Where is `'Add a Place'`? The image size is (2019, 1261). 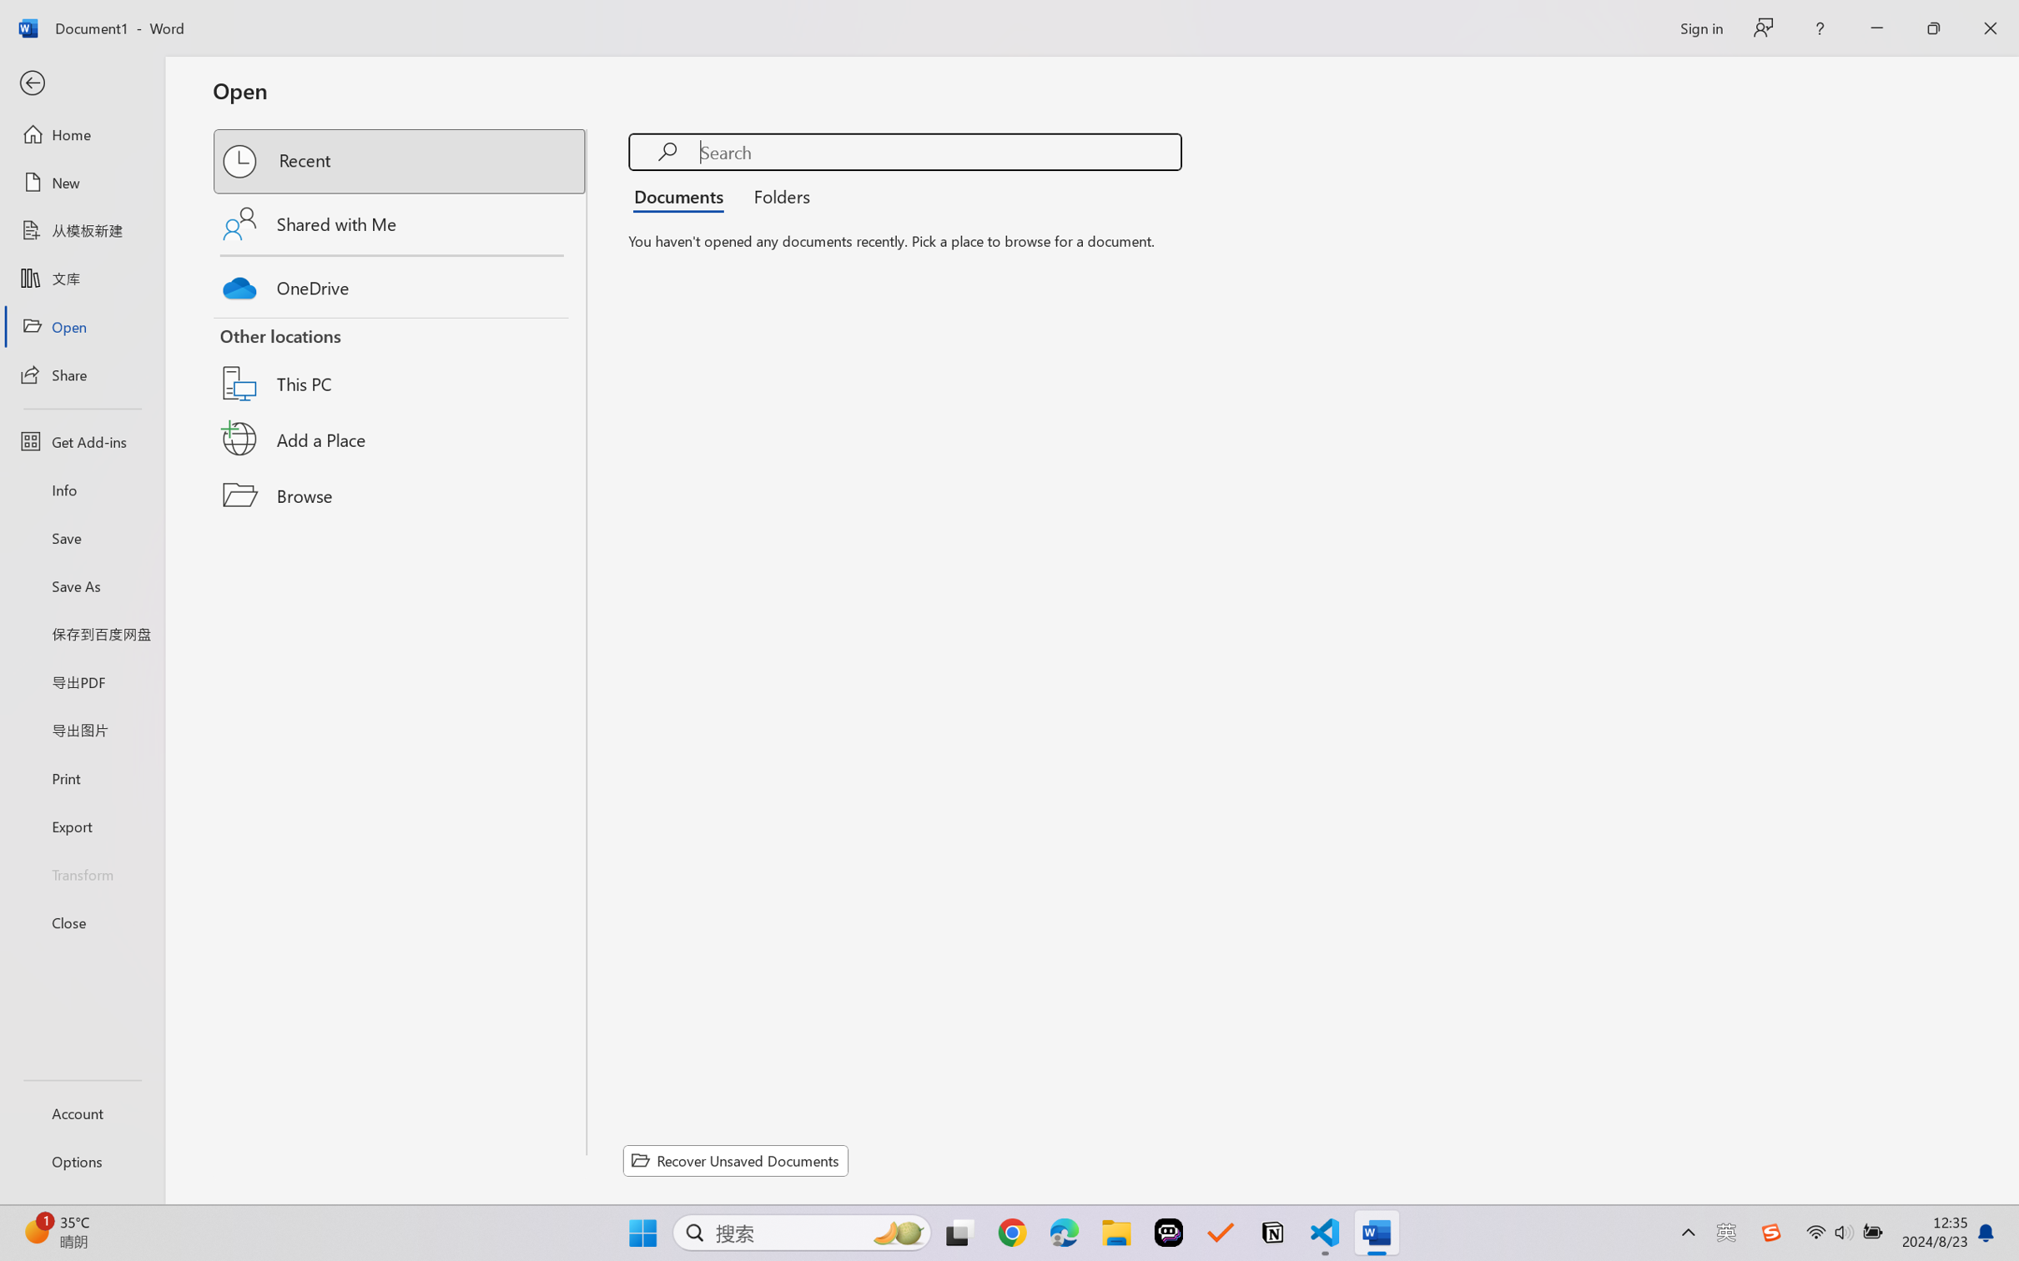 'Add a Place' is located at coordinates (400, 438).